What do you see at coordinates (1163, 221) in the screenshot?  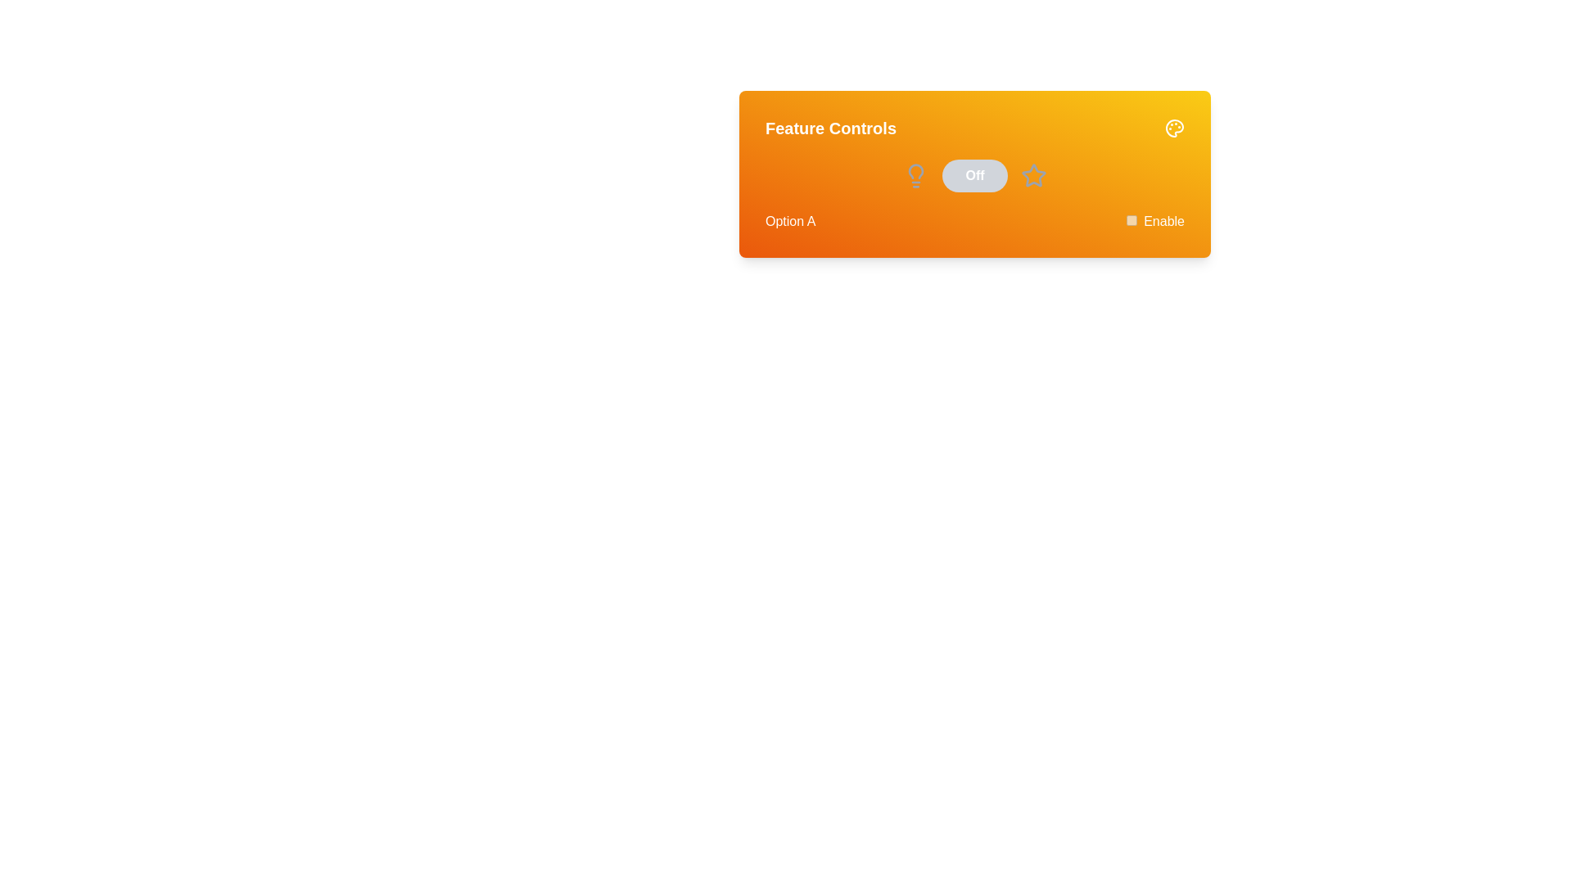 I see `the 'Enable' label, which is displayed in white font on an orange background and is located directly to the right of the 'Option A' checkbox` at bounding box center [1163, 221].